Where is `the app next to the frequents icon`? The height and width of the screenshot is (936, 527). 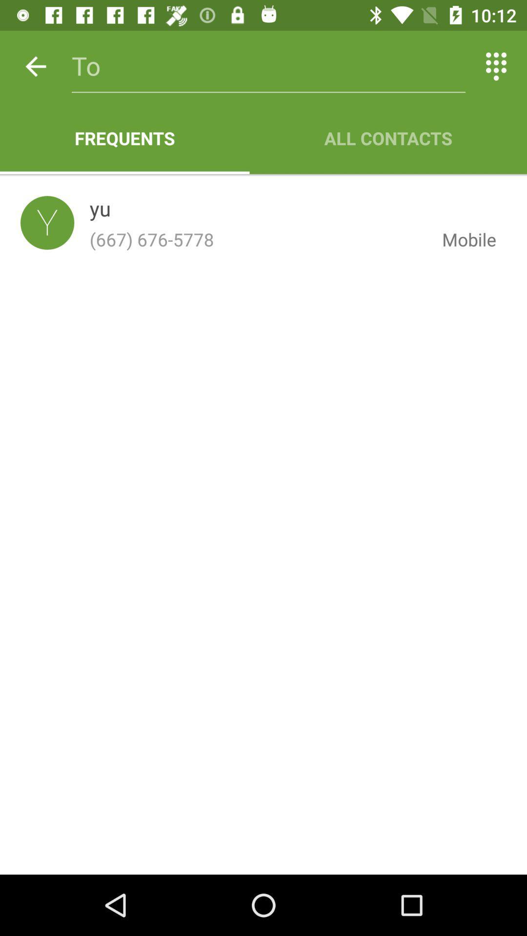 the app next to the frequents icon is located at coordinates (387, 137).